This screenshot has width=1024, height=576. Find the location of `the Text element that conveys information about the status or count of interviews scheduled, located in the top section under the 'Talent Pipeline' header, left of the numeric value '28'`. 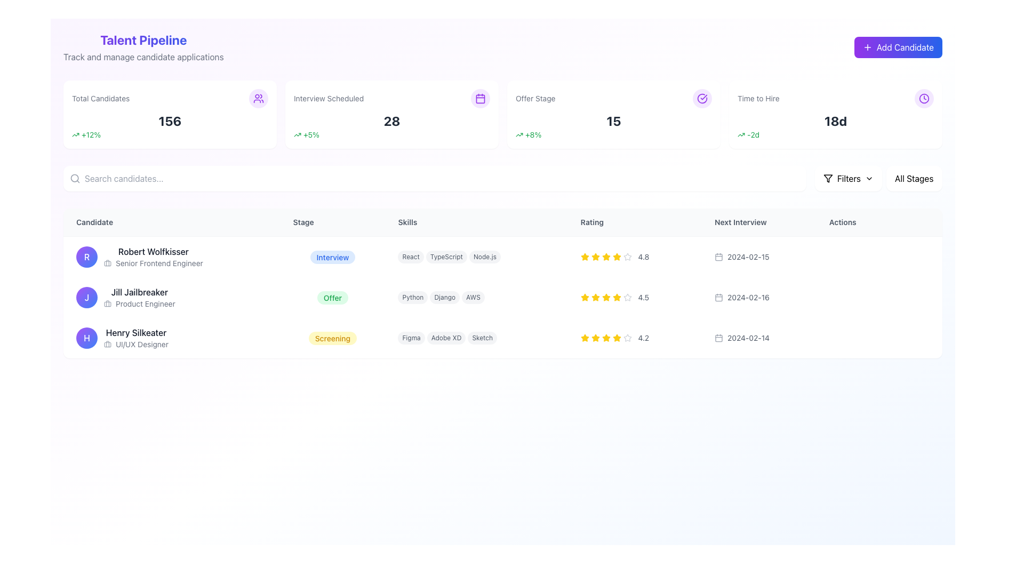

the Text element that conveys information about the status or count of interviews scheduled, located in the top section under the 'Talent Pipeline' header, left of the numeric value '28' is located at coordinates (328, 99).